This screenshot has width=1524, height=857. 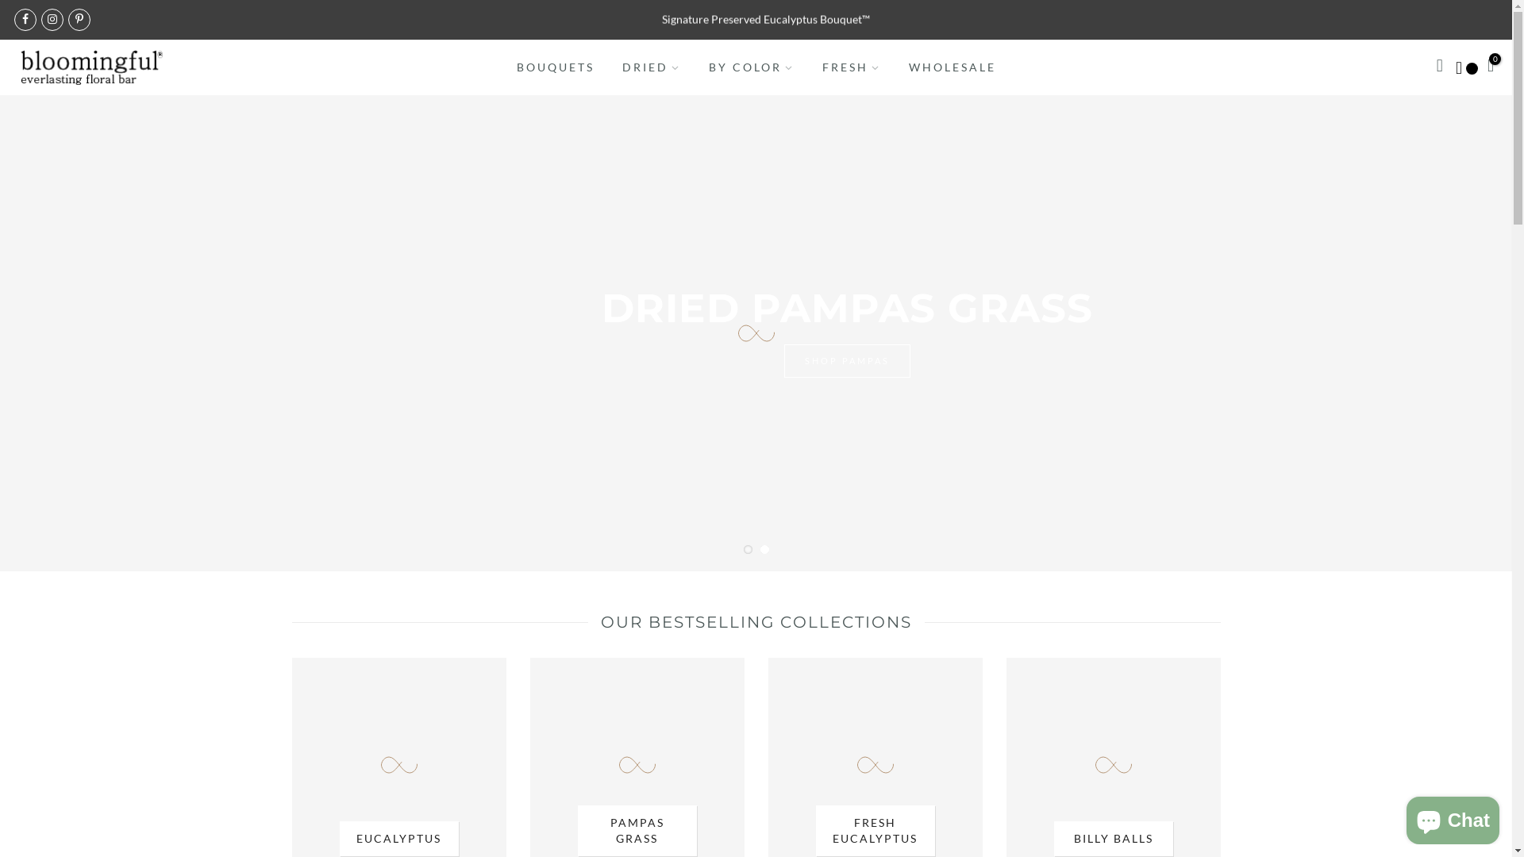 What do you see at coordinates (850, 66) in the screenshot?
I see `'FRESH'` at bounding box center [850, 66].